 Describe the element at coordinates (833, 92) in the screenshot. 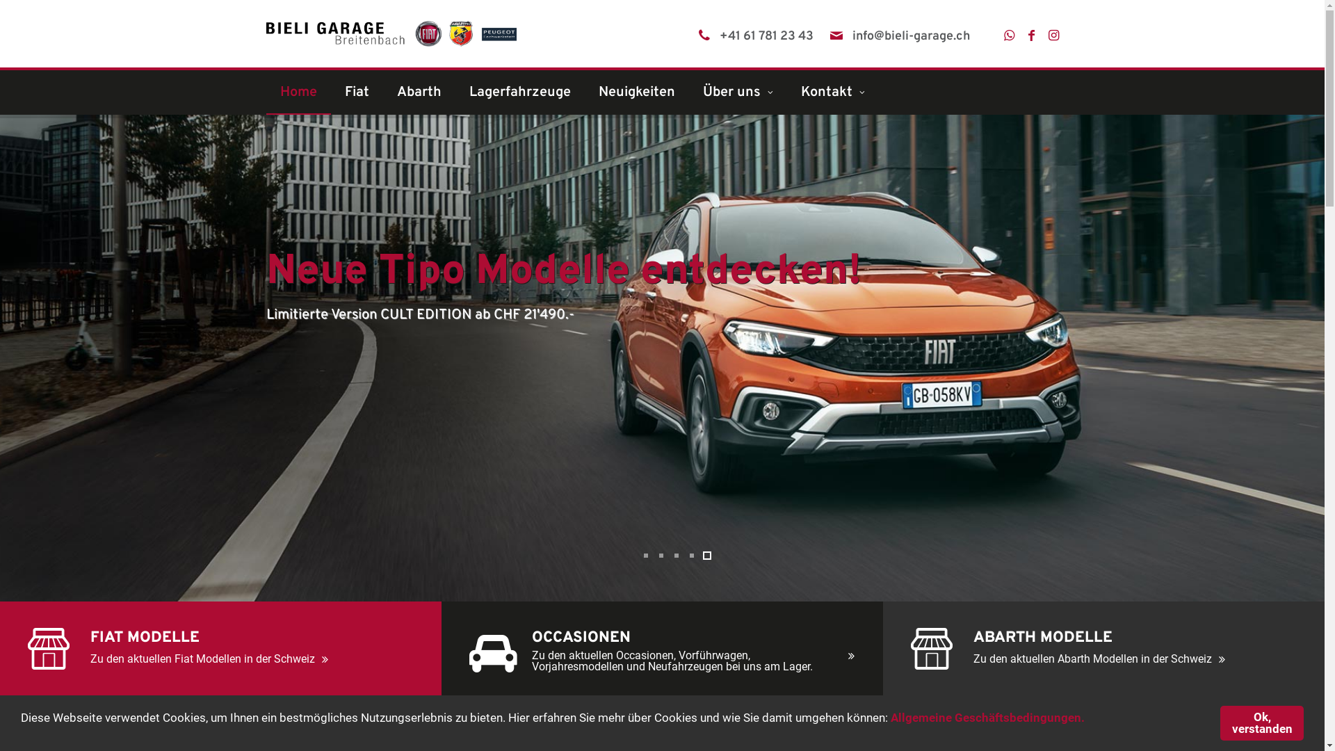

I see `'Kontakt'` at that location.